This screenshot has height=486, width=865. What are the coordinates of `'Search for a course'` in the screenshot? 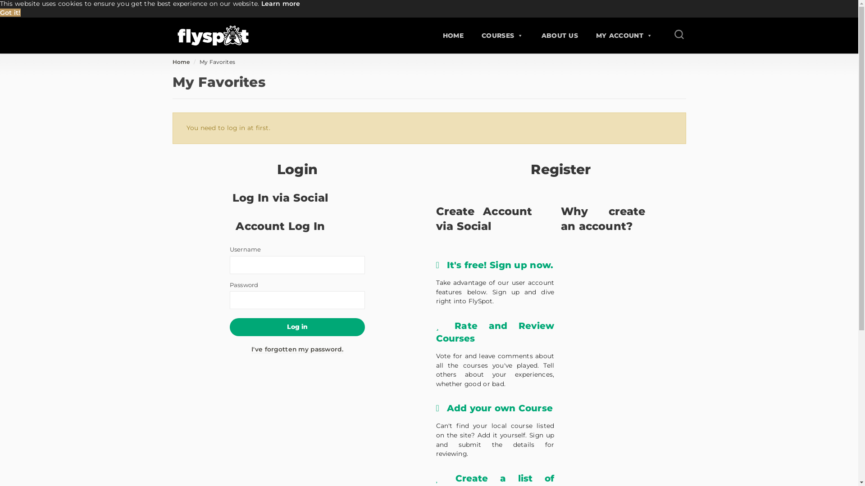 It's located at (678, 35).